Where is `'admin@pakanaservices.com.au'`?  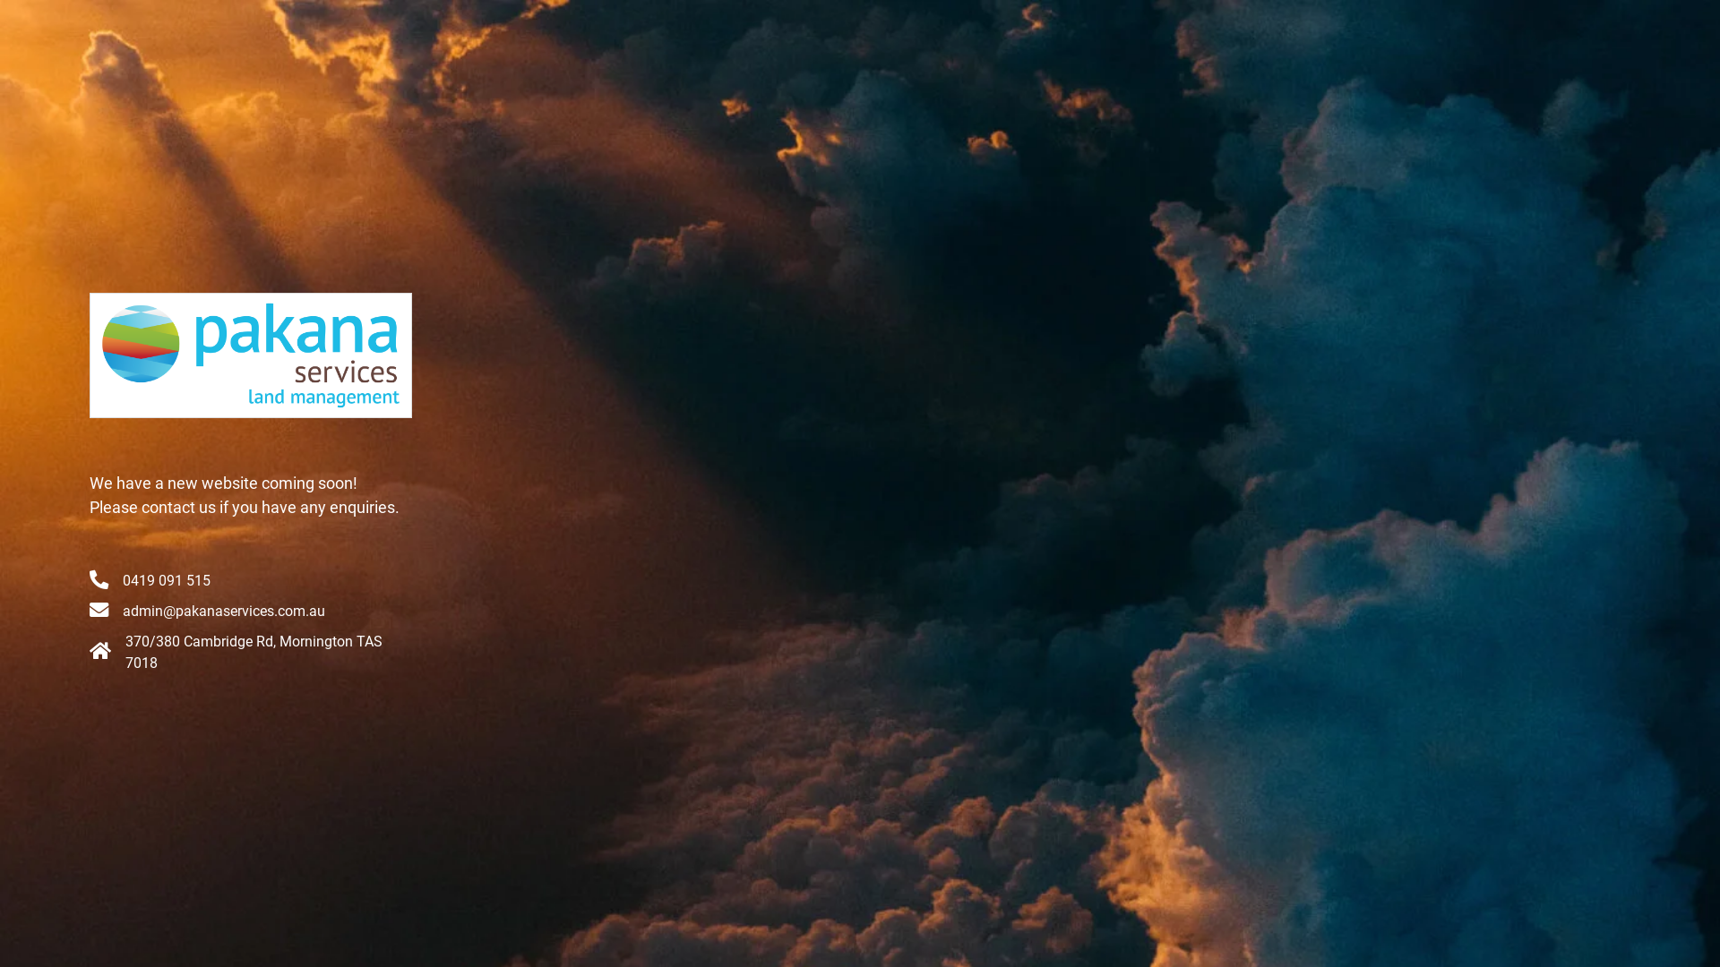
'admin@pakanaservices.com.au' is located at coordinates (222, 610).